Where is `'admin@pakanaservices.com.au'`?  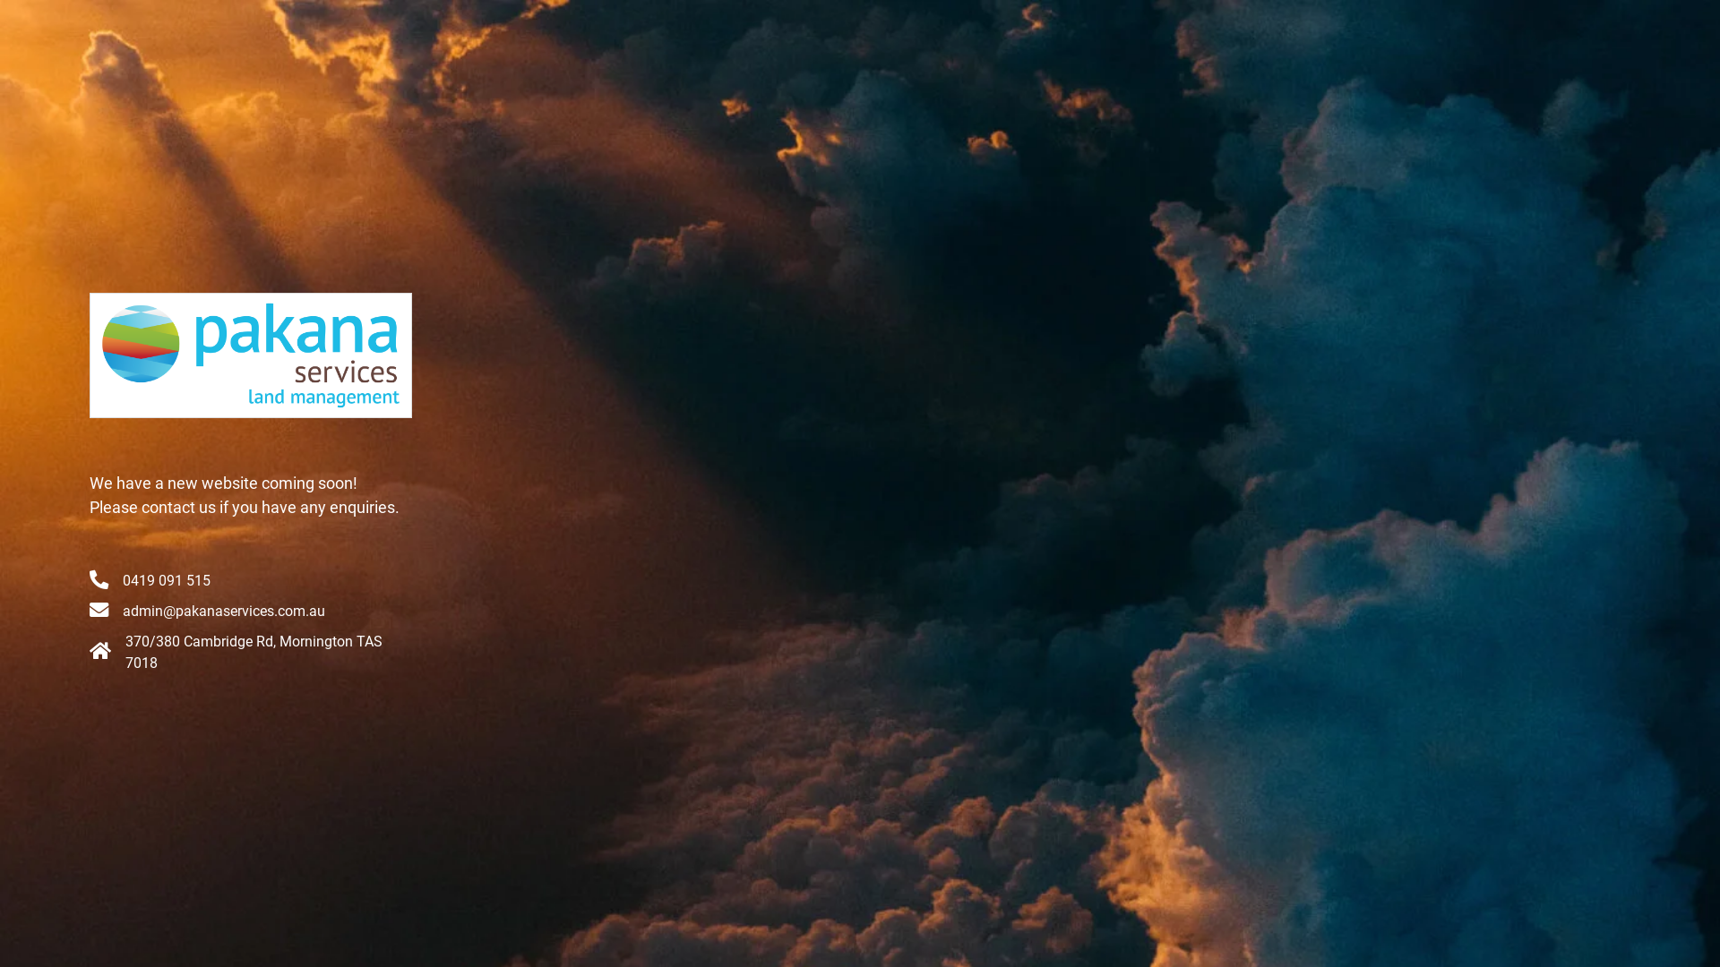
'admin@pakanaservices.com.au' is located at coordinates (222, 610).